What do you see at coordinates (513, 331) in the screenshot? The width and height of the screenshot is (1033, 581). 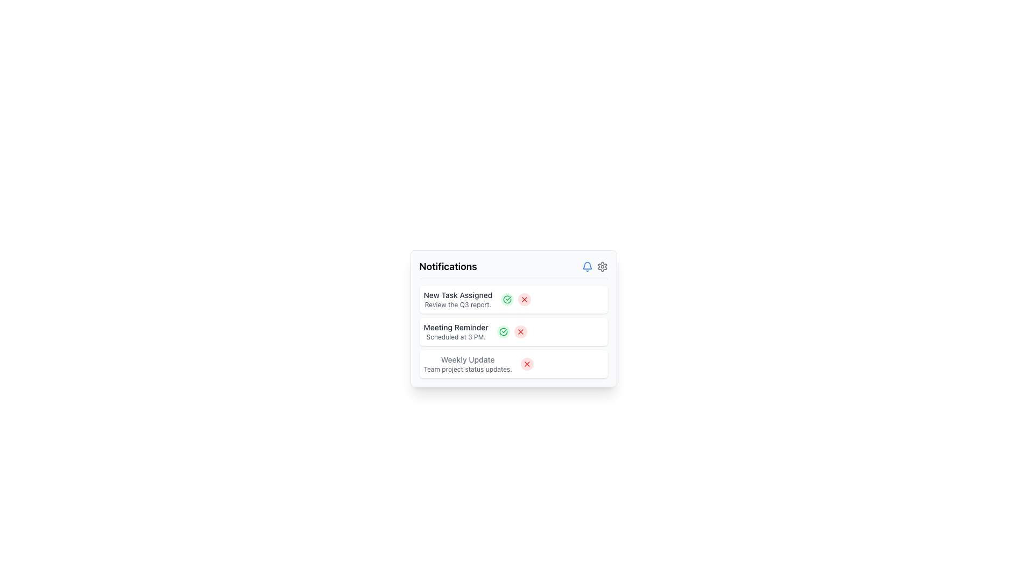 I see `the green check button on the Notification Card that contains 'Meeting Reminder' and 'Scheduled at 3 PM.' to mark it as read` at bounding box center [513, 331].